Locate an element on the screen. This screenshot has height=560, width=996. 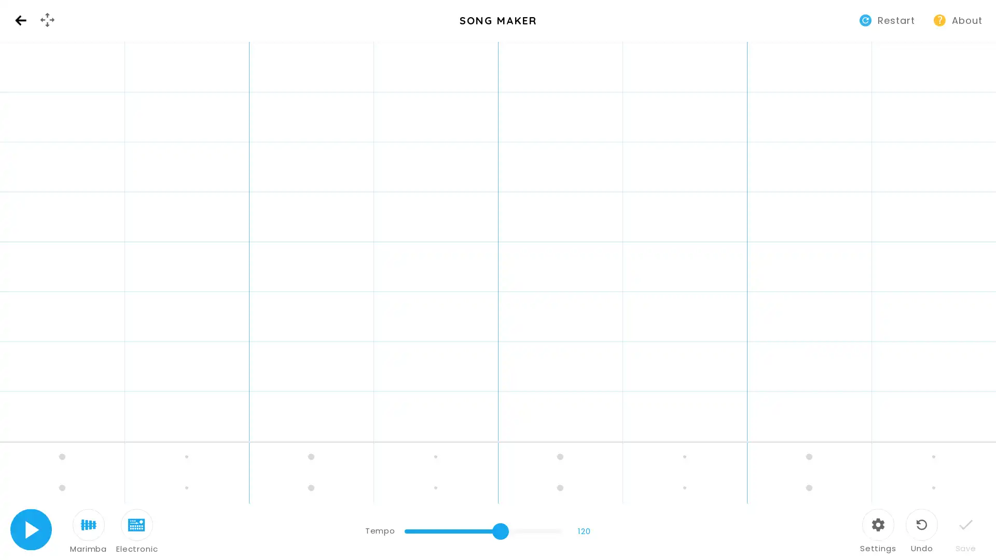
Electronic is located at coordinates (136, 531).